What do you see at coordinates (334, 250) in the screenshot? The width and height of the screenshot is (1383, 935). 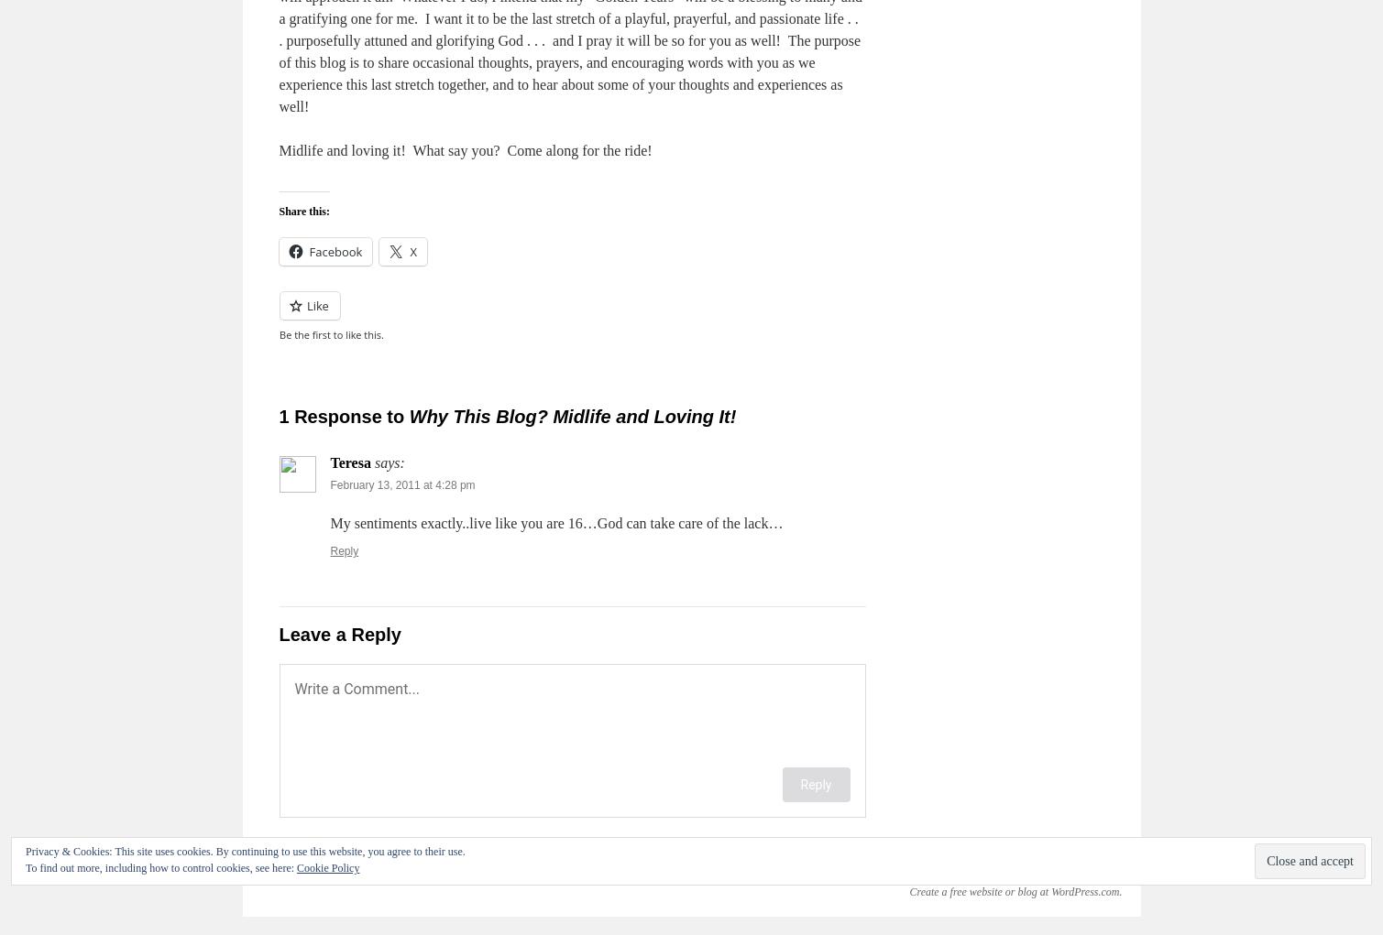 I see `'Facebook'` at bounding box center [334, 250].